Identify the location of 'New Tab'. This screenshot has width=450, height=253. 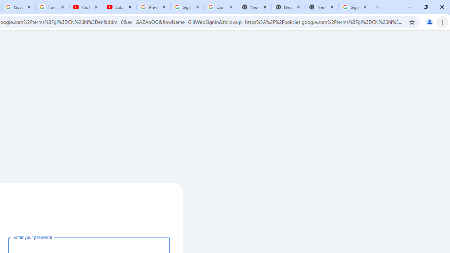
(321, 7).